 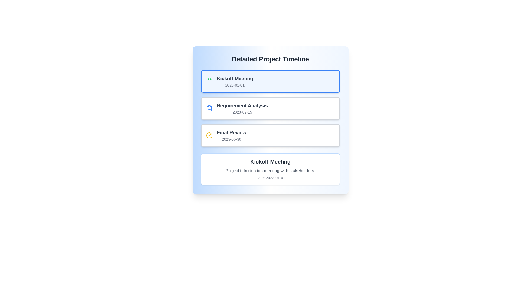 What do you see at coordinates (270, 171) in the screenshot?
I see `the text element that says 'Project introduction meeting with stakeholders.' which is positioned below the title 'Kickoff Meeting' and above the date 'Date: 2023-01-01'` at bounding box center [270, 171].